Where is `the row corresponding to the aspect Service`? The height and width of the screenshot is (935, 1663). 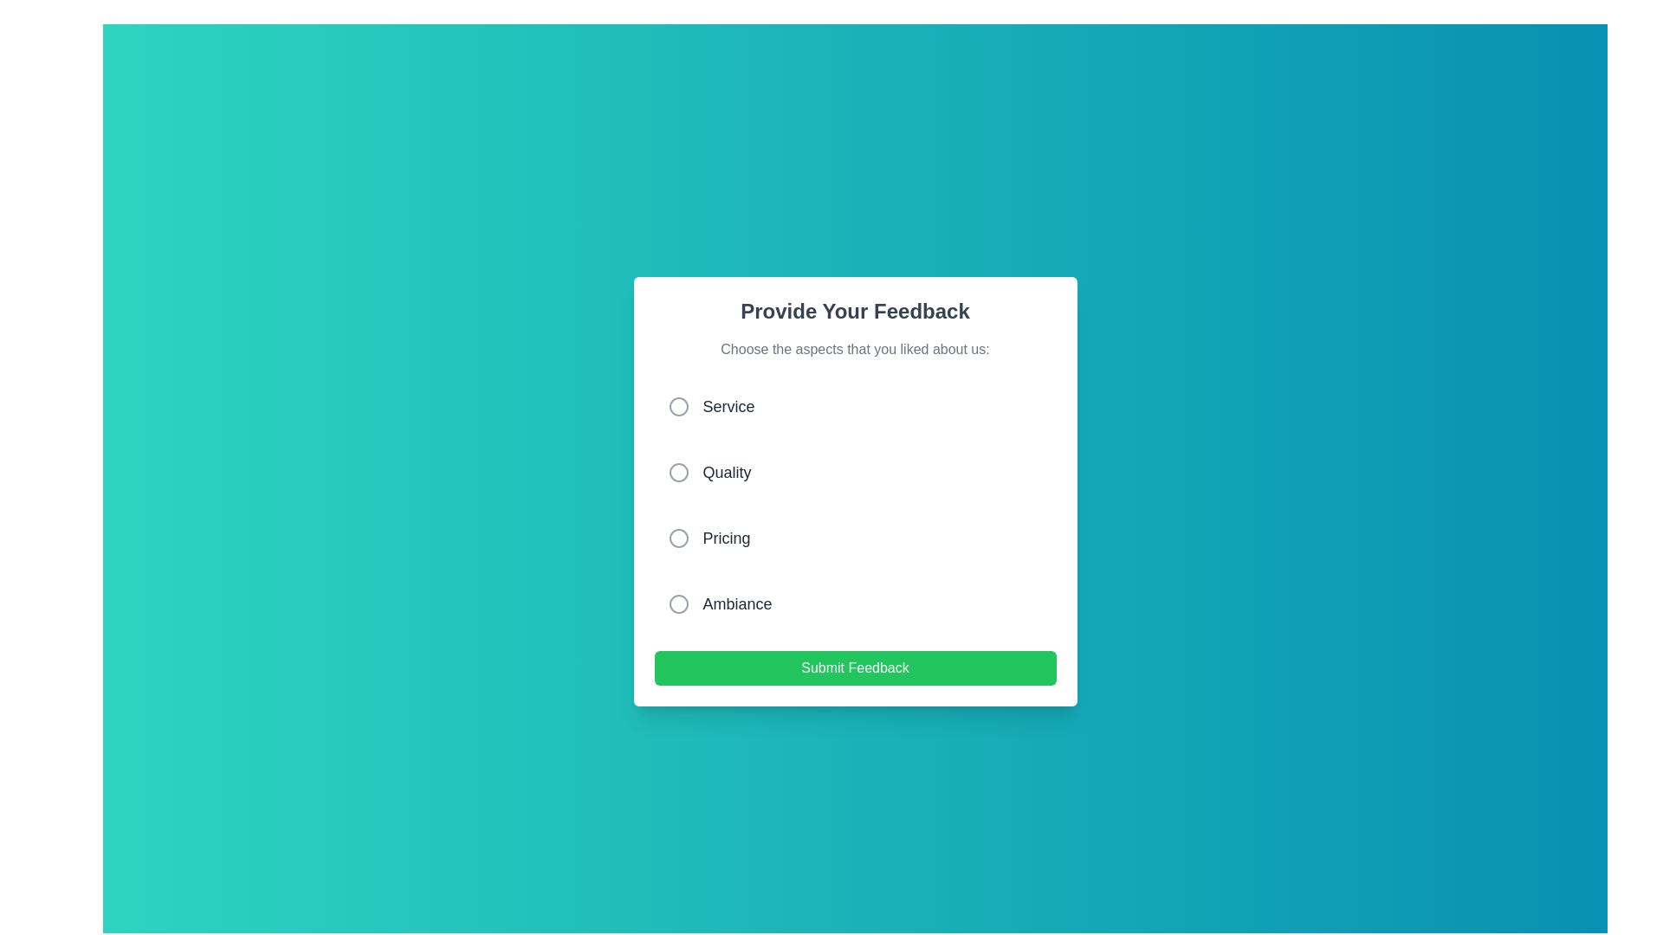
the row corresponding to the aspect Service is located at coordinates (855, 407).